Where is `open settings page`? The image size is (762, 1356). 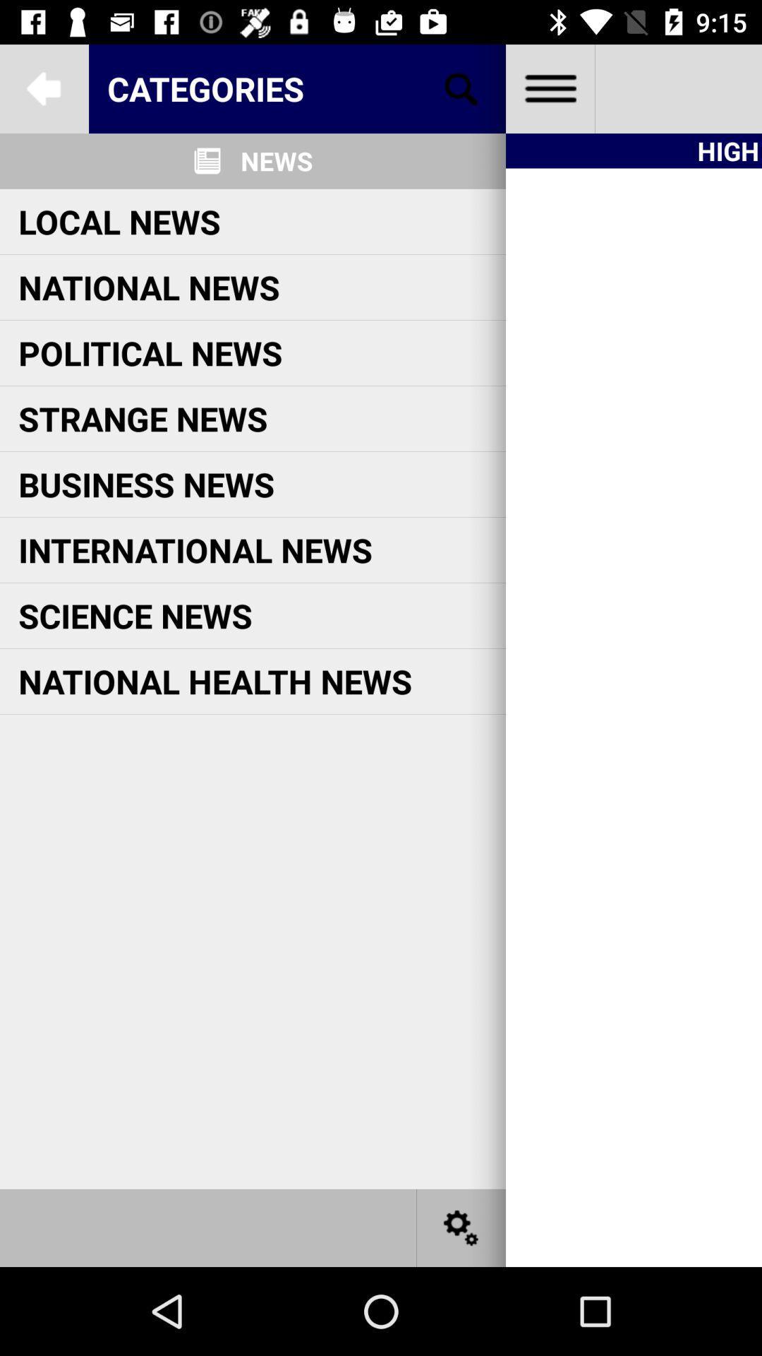 open settings page is located at coordinates (461, 1227).